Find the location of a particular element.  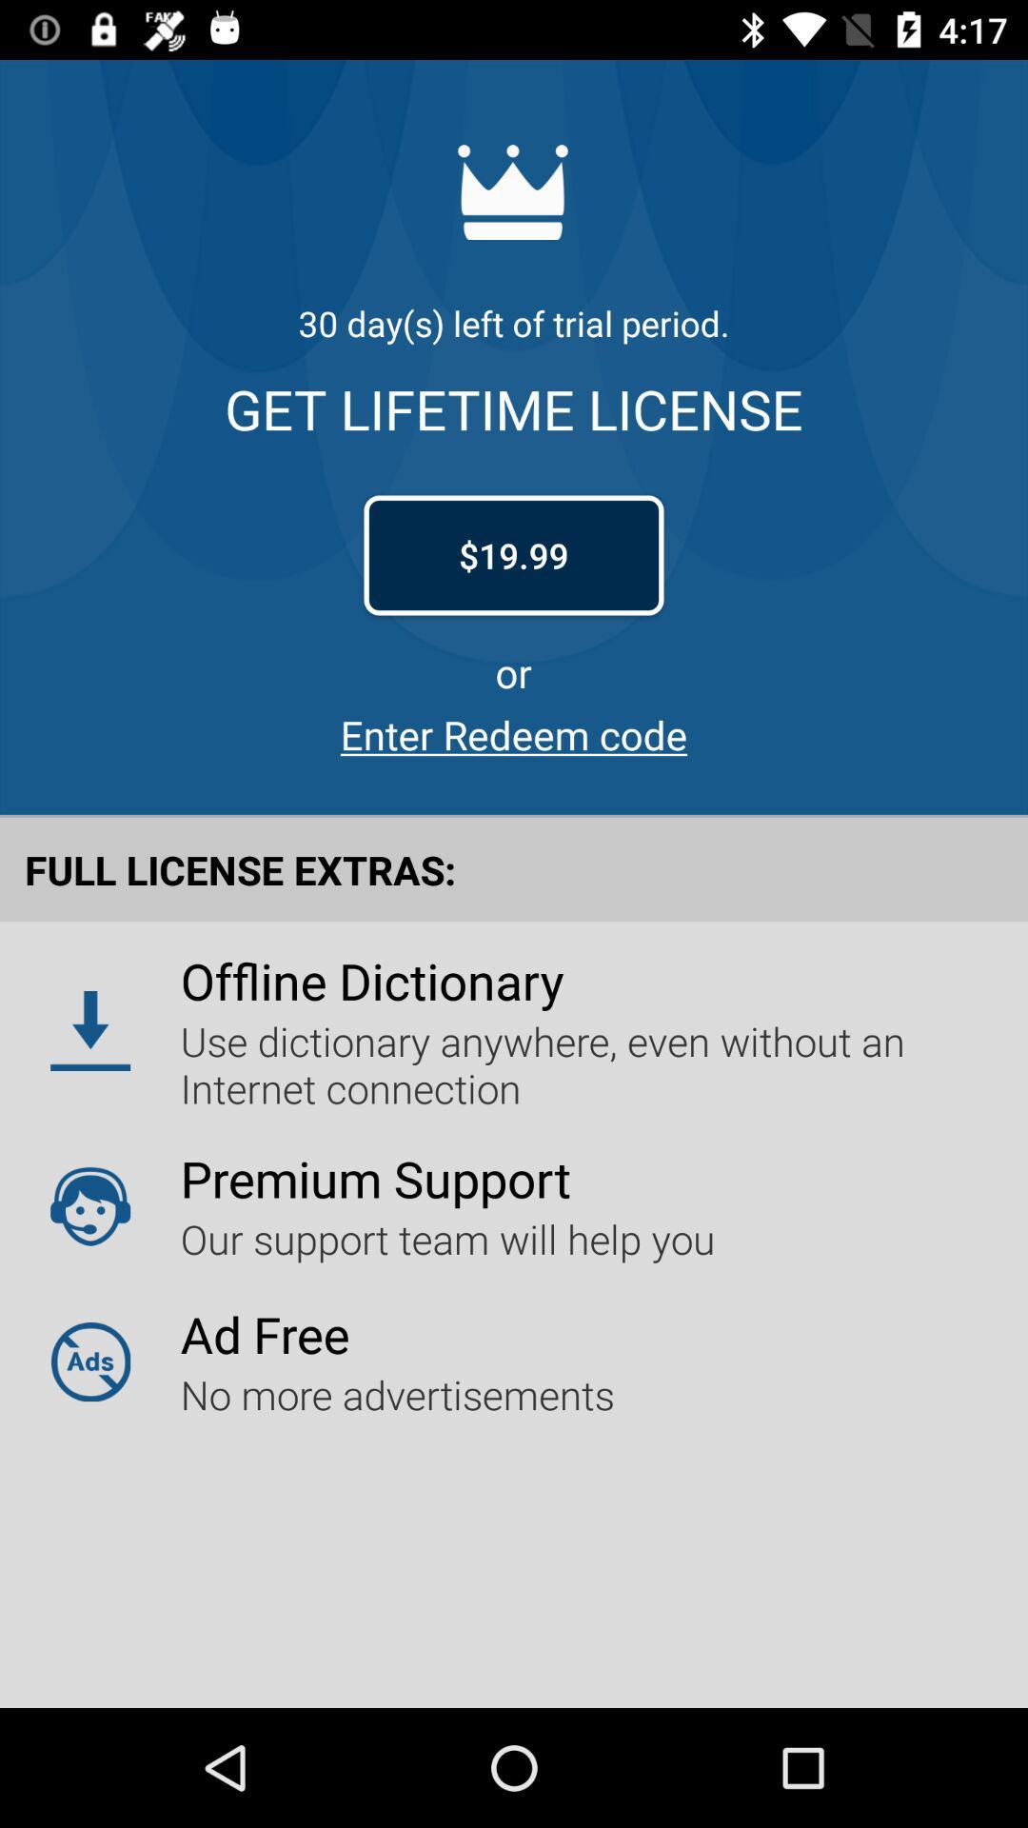

app below the or is located at coordinates (514, 733).